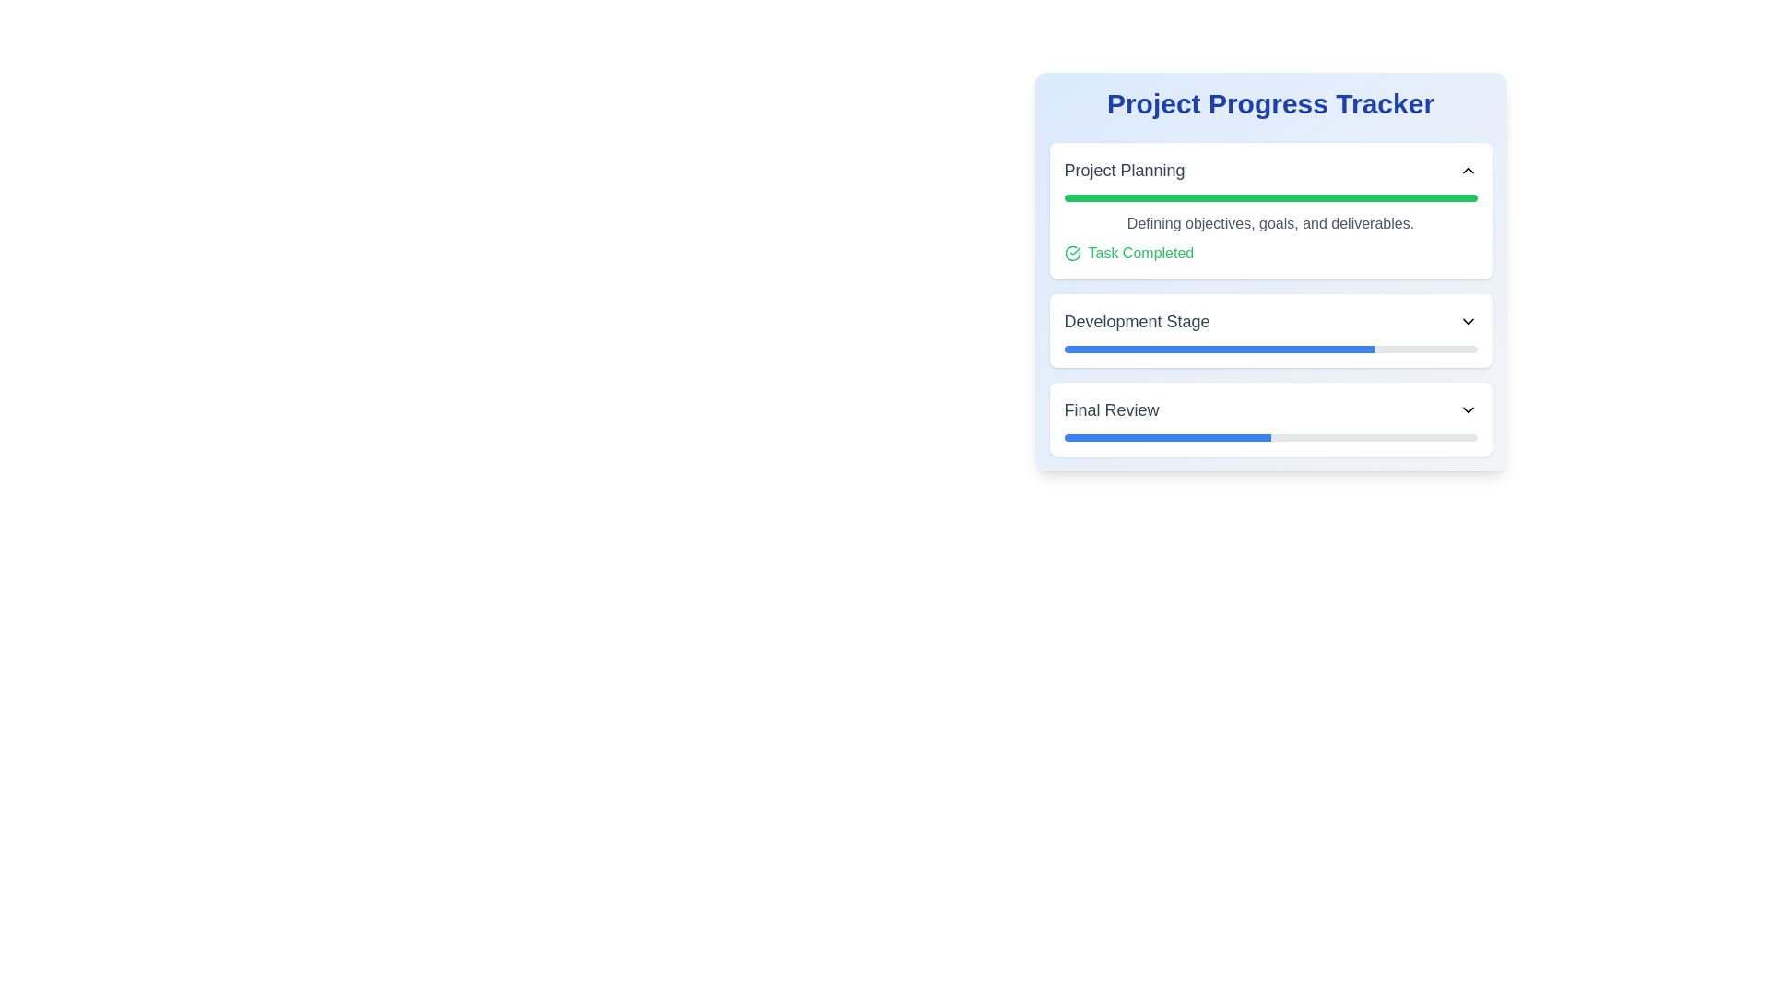 The height and width of the screenshot is (996, 1770). What do you see at coordinates (1269, 209) in the screenshot?
I see `the Informational card titled 'Project Planning' which is the first card in a vertical list, featuring a white background and a green progress bar` at bounding box center [1269, 209].